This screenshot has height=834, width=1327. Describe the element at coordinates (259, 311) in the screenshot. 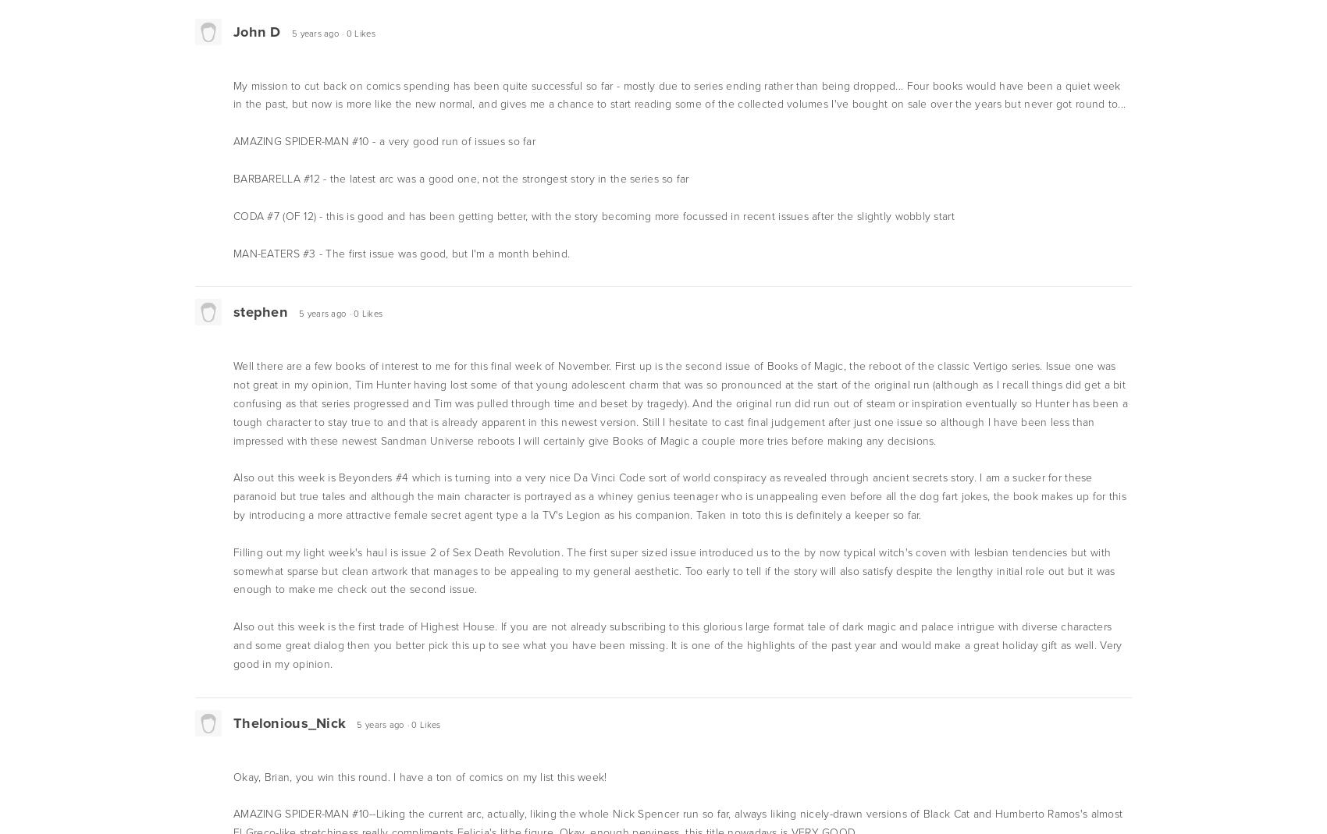

I see `'stephen'` at that location.